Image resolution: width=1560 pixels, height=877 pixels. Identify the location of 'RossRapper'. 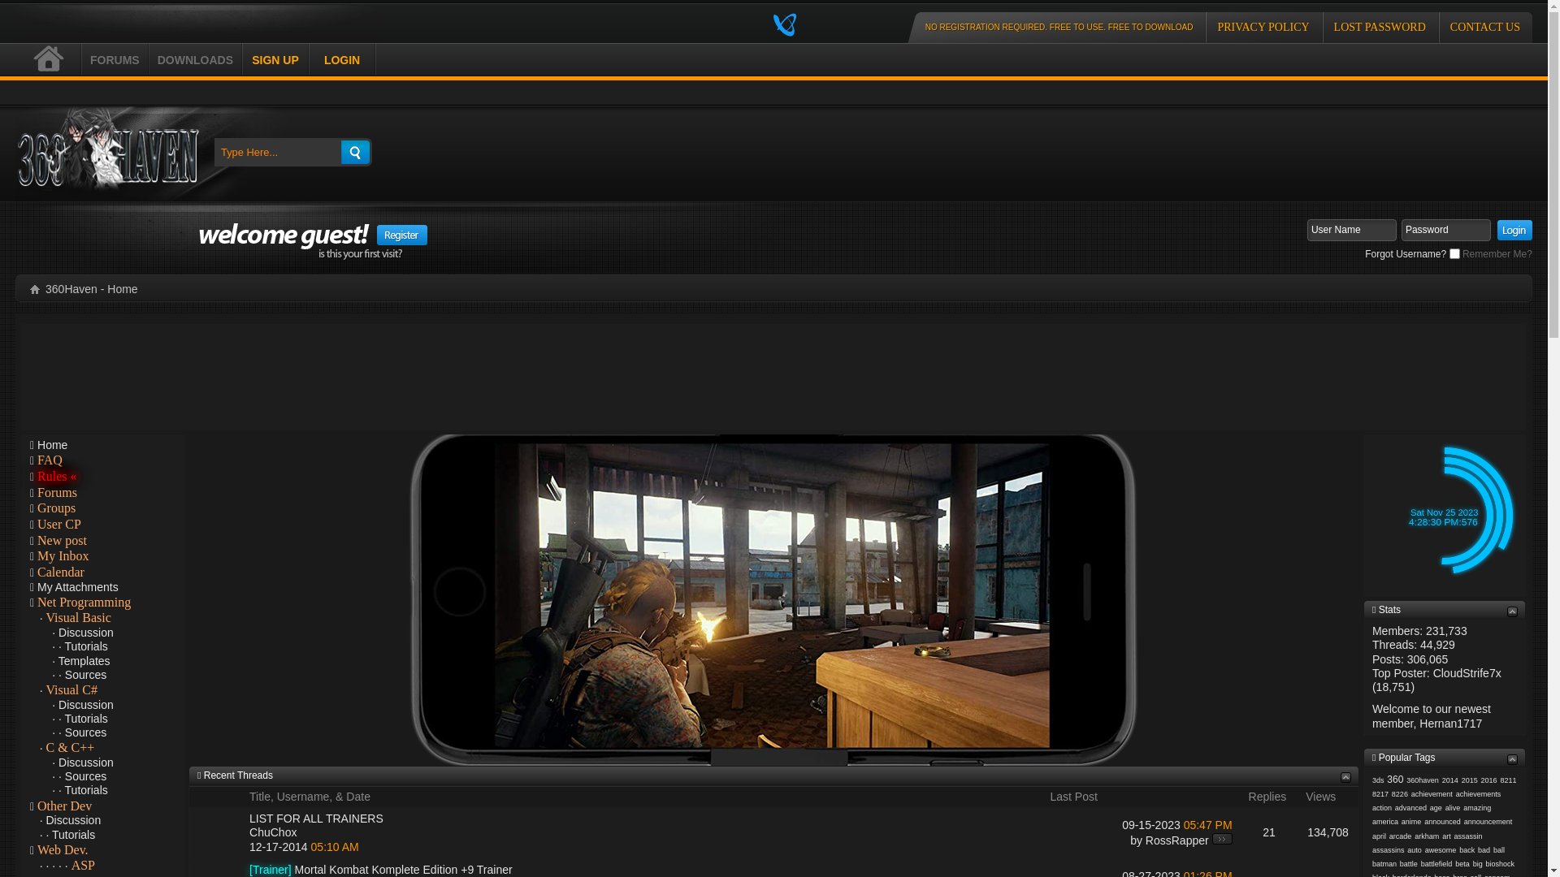
(1177, 840).